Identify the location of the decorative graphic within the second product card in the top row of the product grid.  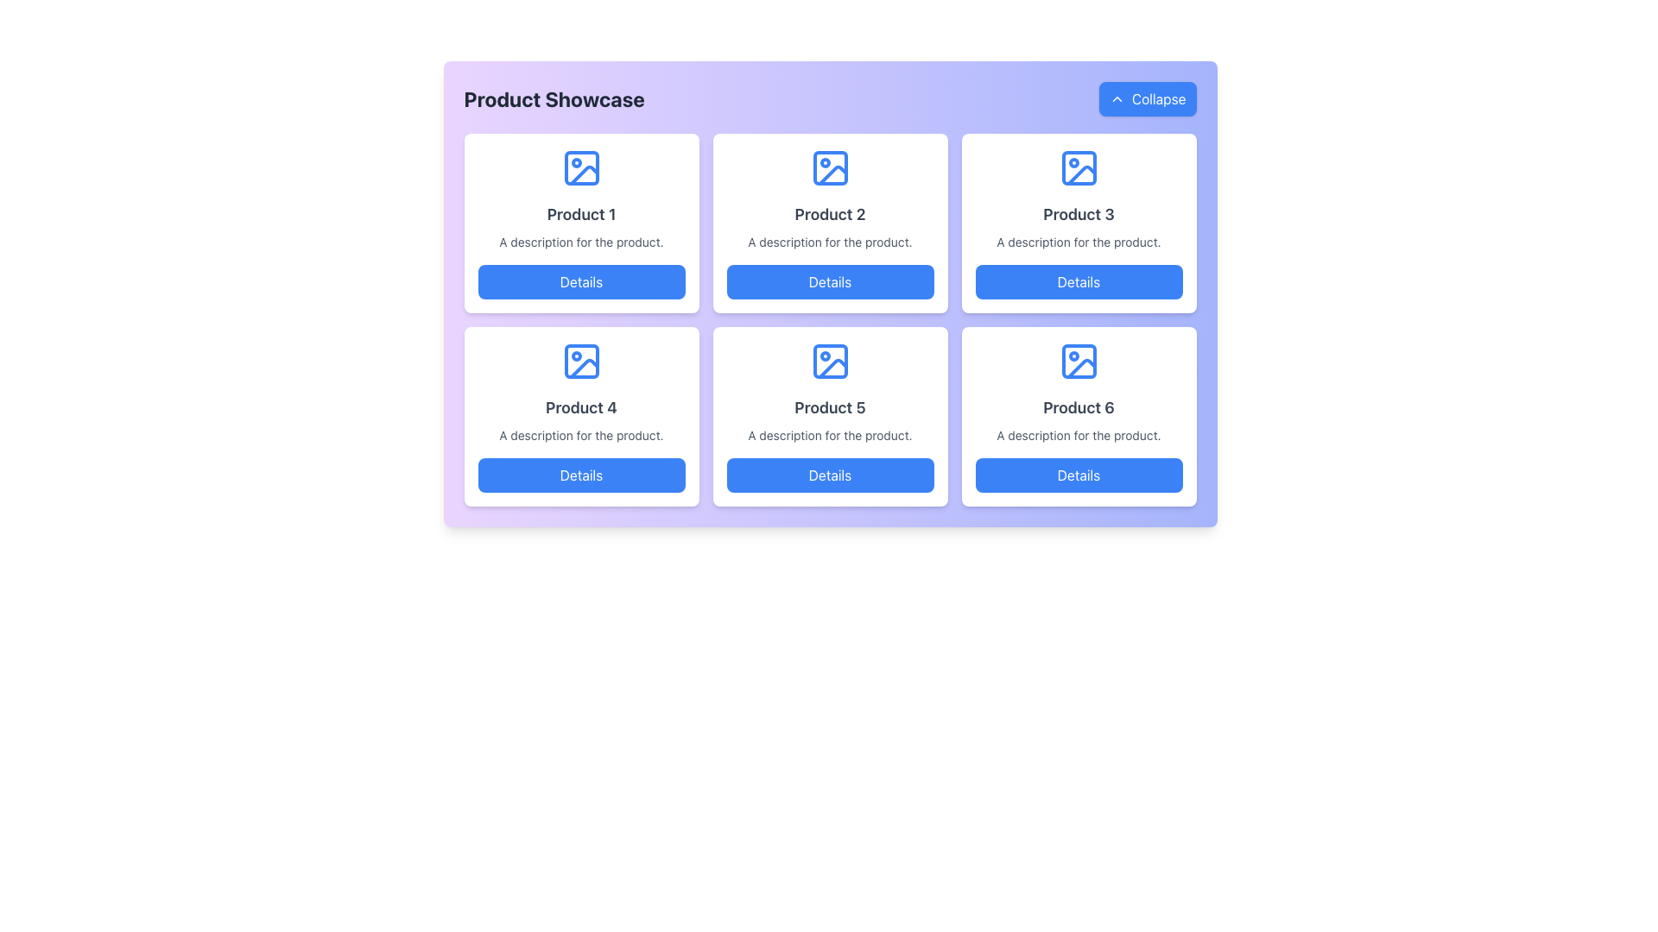
(832, 175).